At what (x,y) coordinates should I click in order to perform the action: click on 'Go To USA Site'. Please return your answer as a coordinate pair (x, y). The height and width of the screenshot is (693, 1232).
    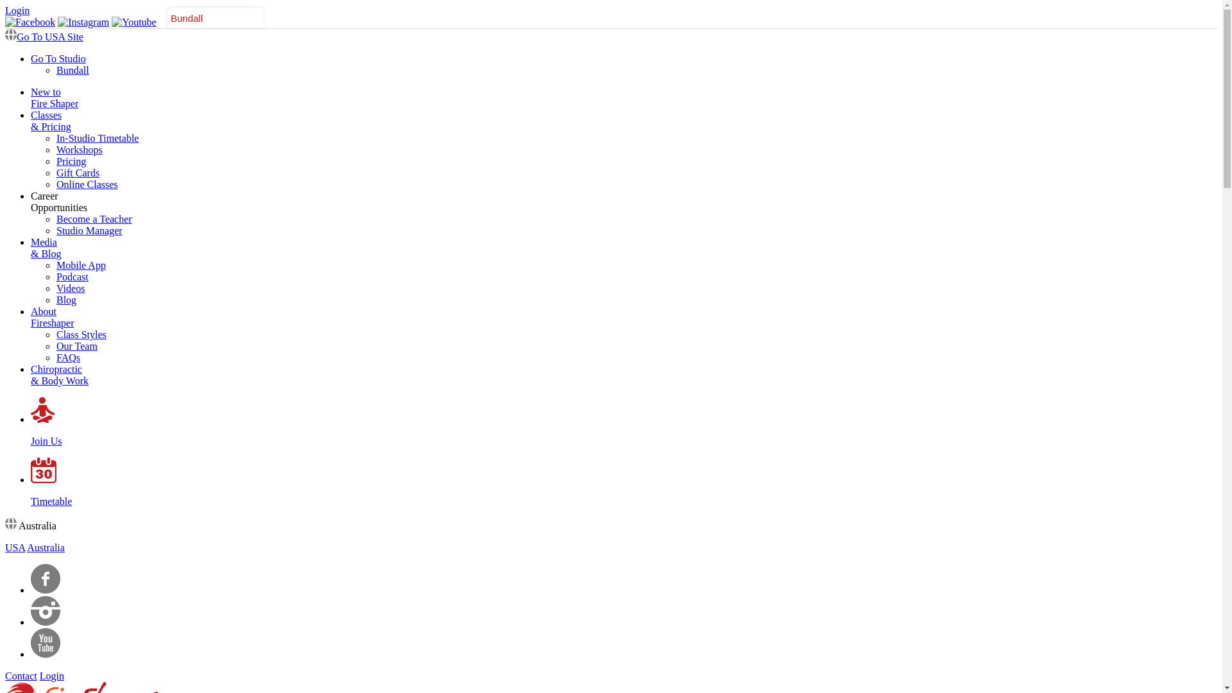
    Looking at the image, I should click on (44, 36).